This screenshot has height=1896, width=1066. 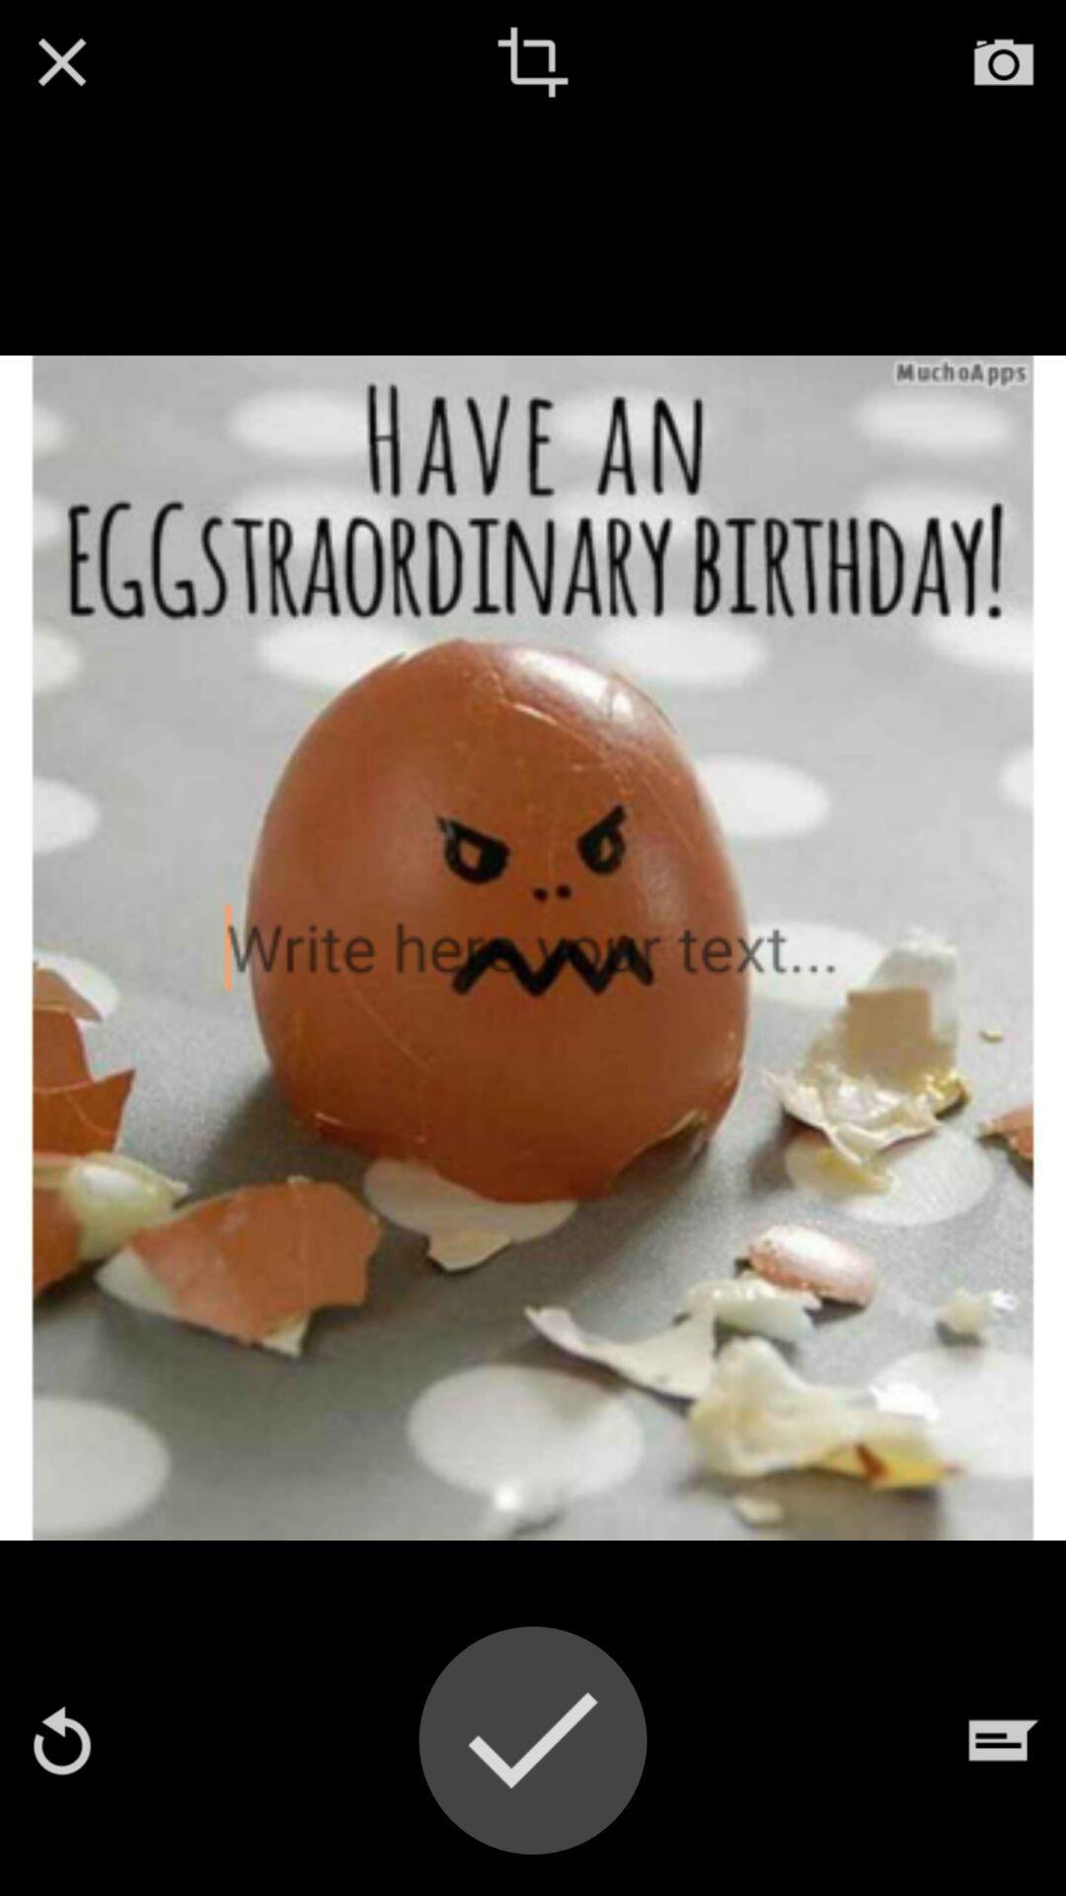 What do you see at coordinates (1004, 1740) in the screenshot?
I see `the chat icon` at bounding box center [1004, 1740].